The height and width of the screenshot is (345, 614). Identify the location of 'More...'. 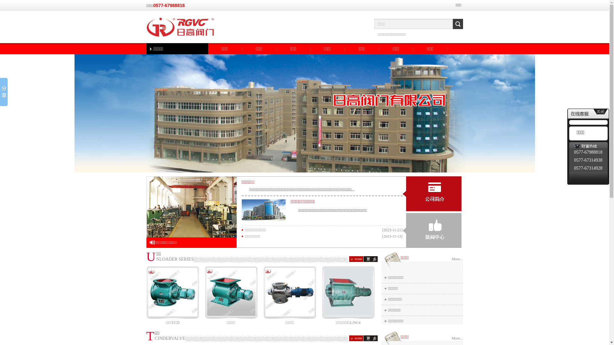
(457, 259).